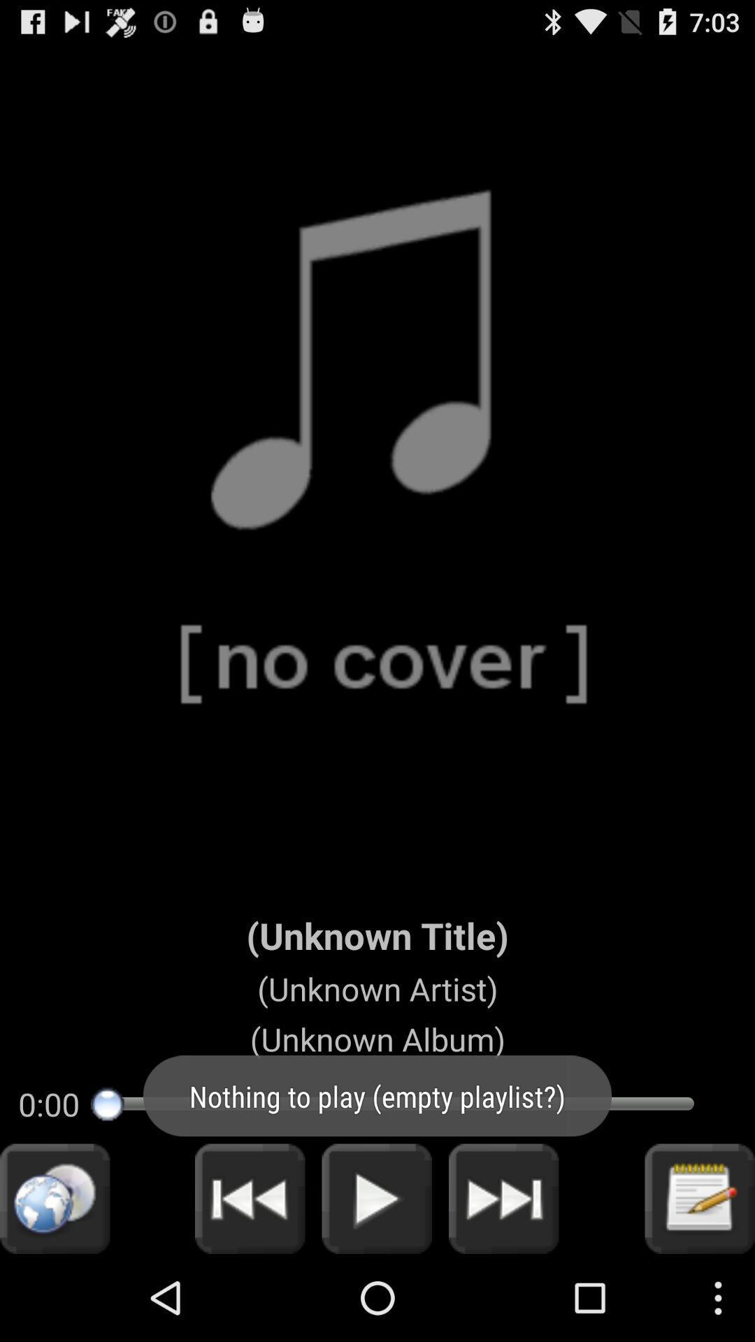 Image resolution: width=755 pixels, height=1342 pixels. What do you see at coordinates (376, 1283) in the screenshot?
I see `the play icon` at bounding box center [376, 1283].